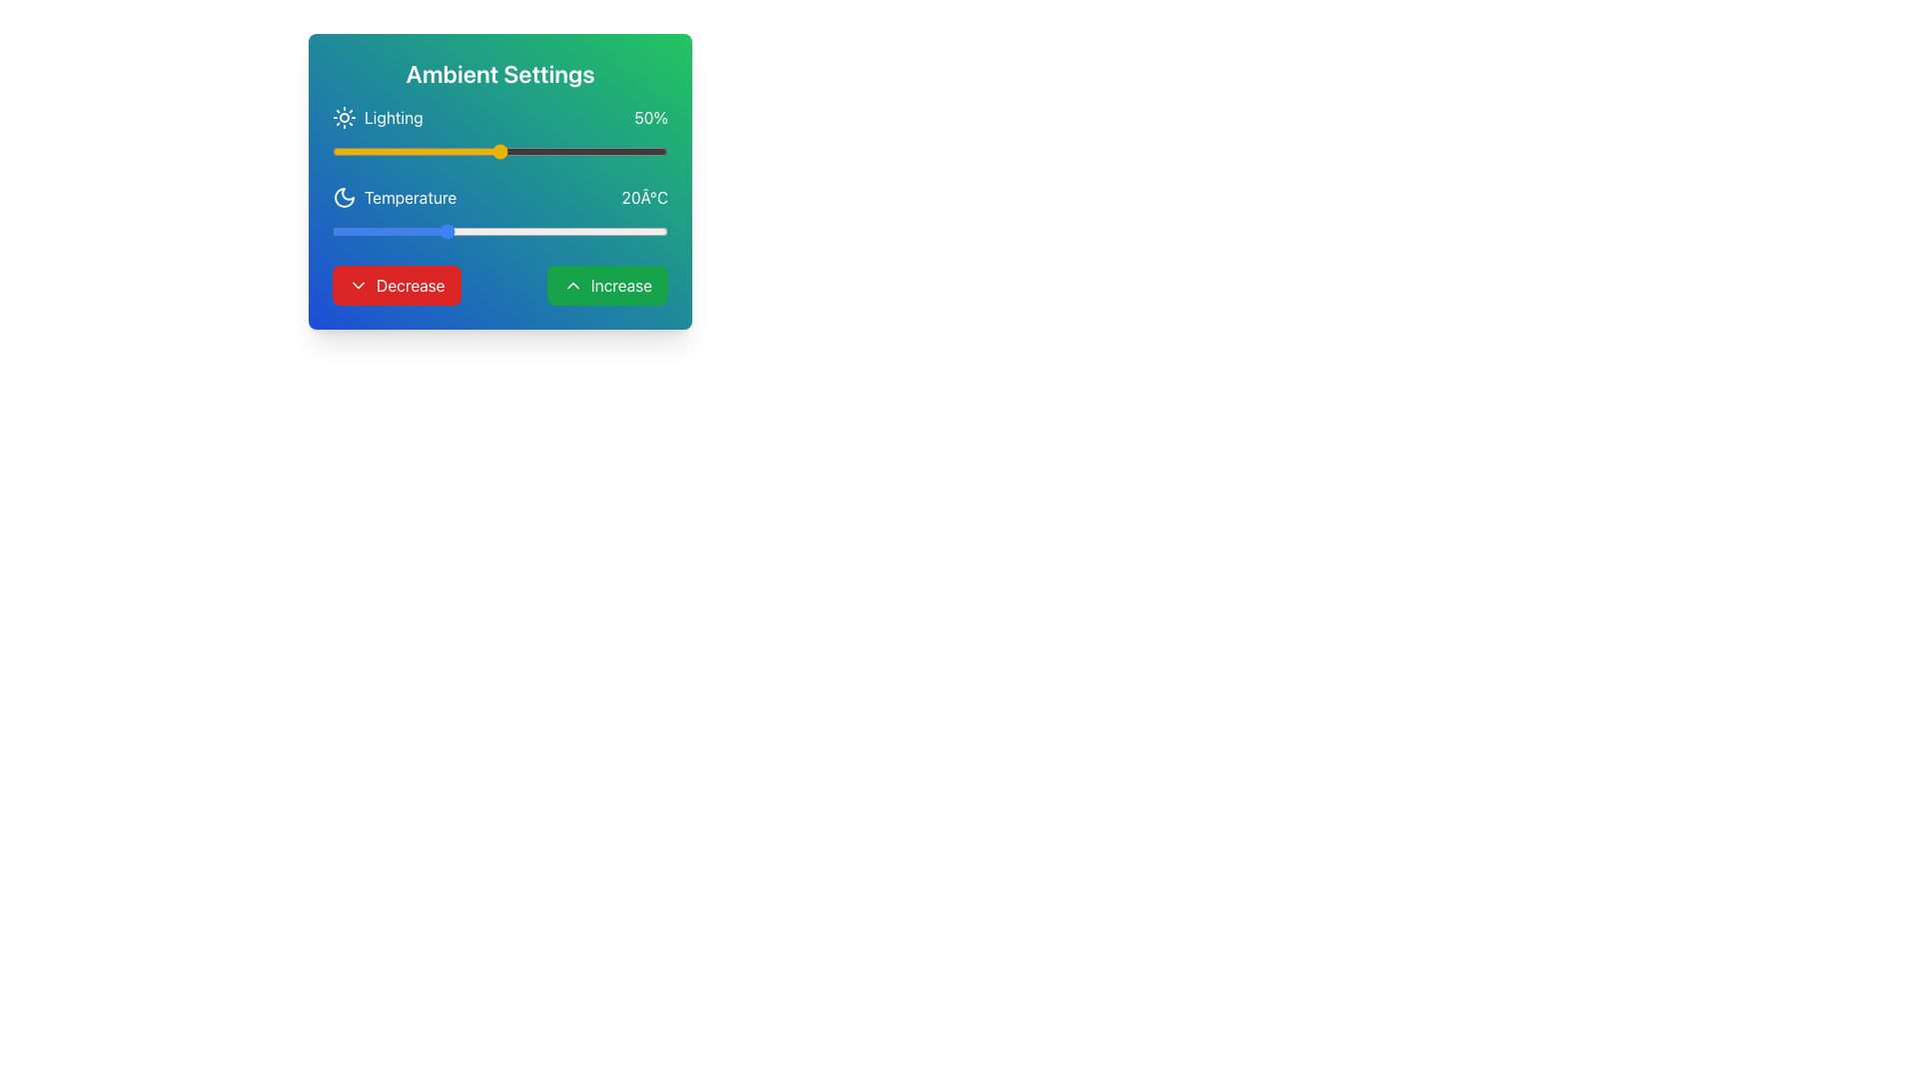  What do you see at coordinates (345, 197) in the screenshot?
I see `the small moon-shaped icon with a gray outline located next to the 'Temperature' label in the 'Ambient Settings' interface` at bounding box center [345, 197].